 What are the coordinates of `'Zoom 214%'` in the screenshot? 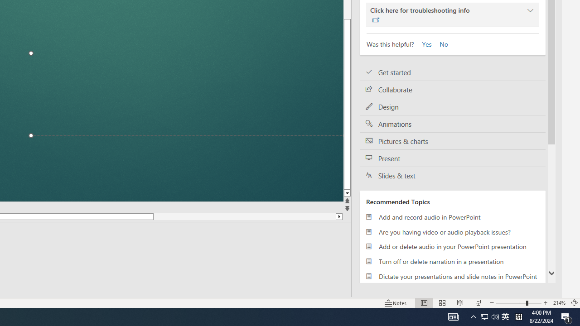 It's located at (559, 303).